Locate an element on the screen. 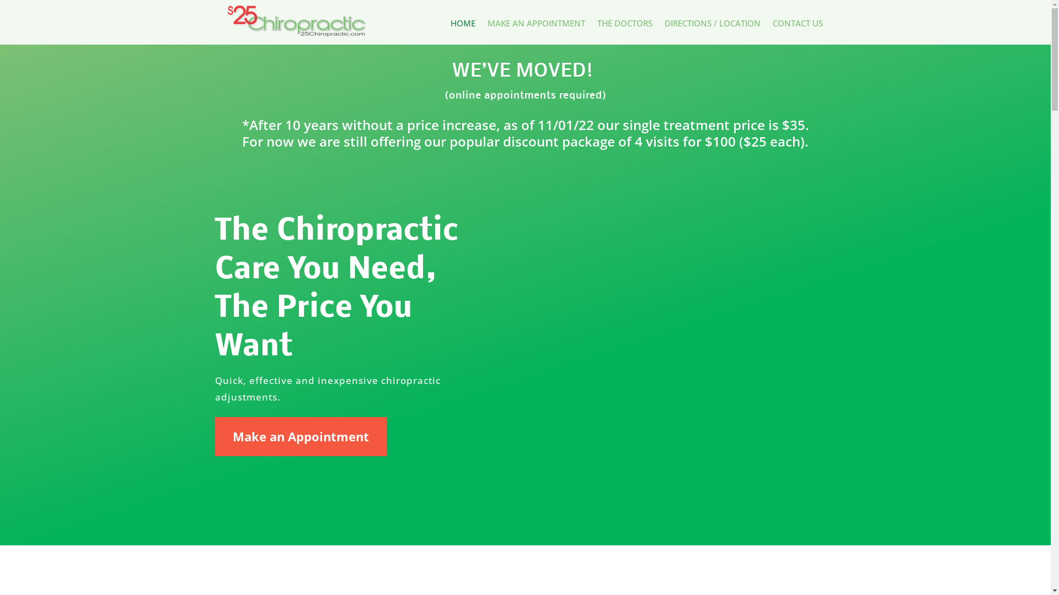 This screenshot has width=1059, height=595. 'THE DOCTORS' is located at coordinates (624, 25).